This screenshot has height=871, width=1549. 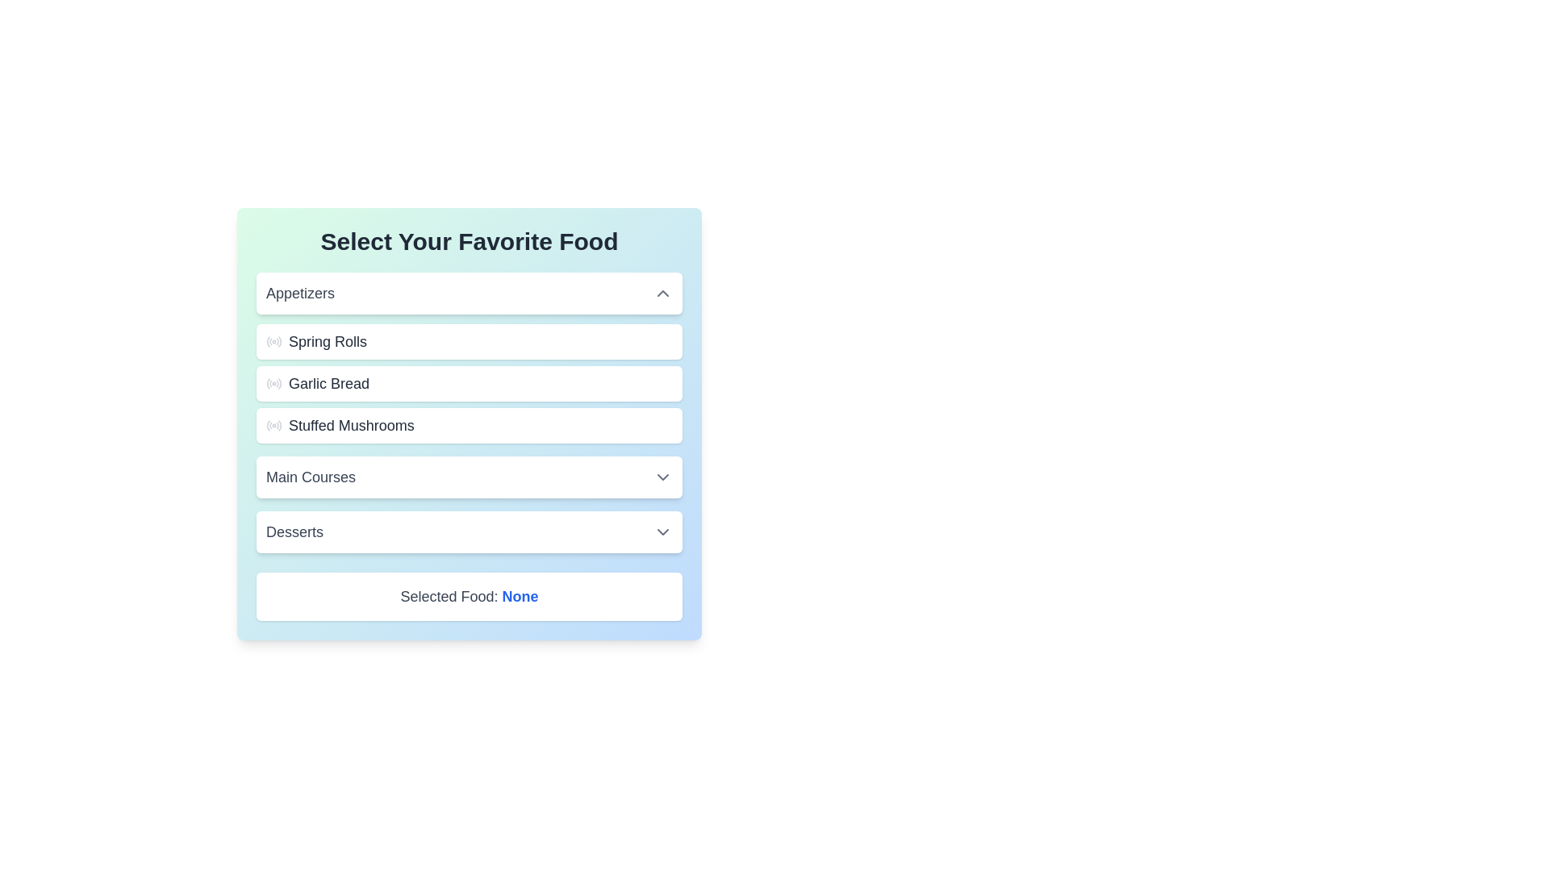 What do you see at coordinates (468, 242) in the screenshot?
I see `the header text element displaying 'Select Your Favorite Food', which is prominently placed at the top center of the card-like section` at bounding box center [468, 242].